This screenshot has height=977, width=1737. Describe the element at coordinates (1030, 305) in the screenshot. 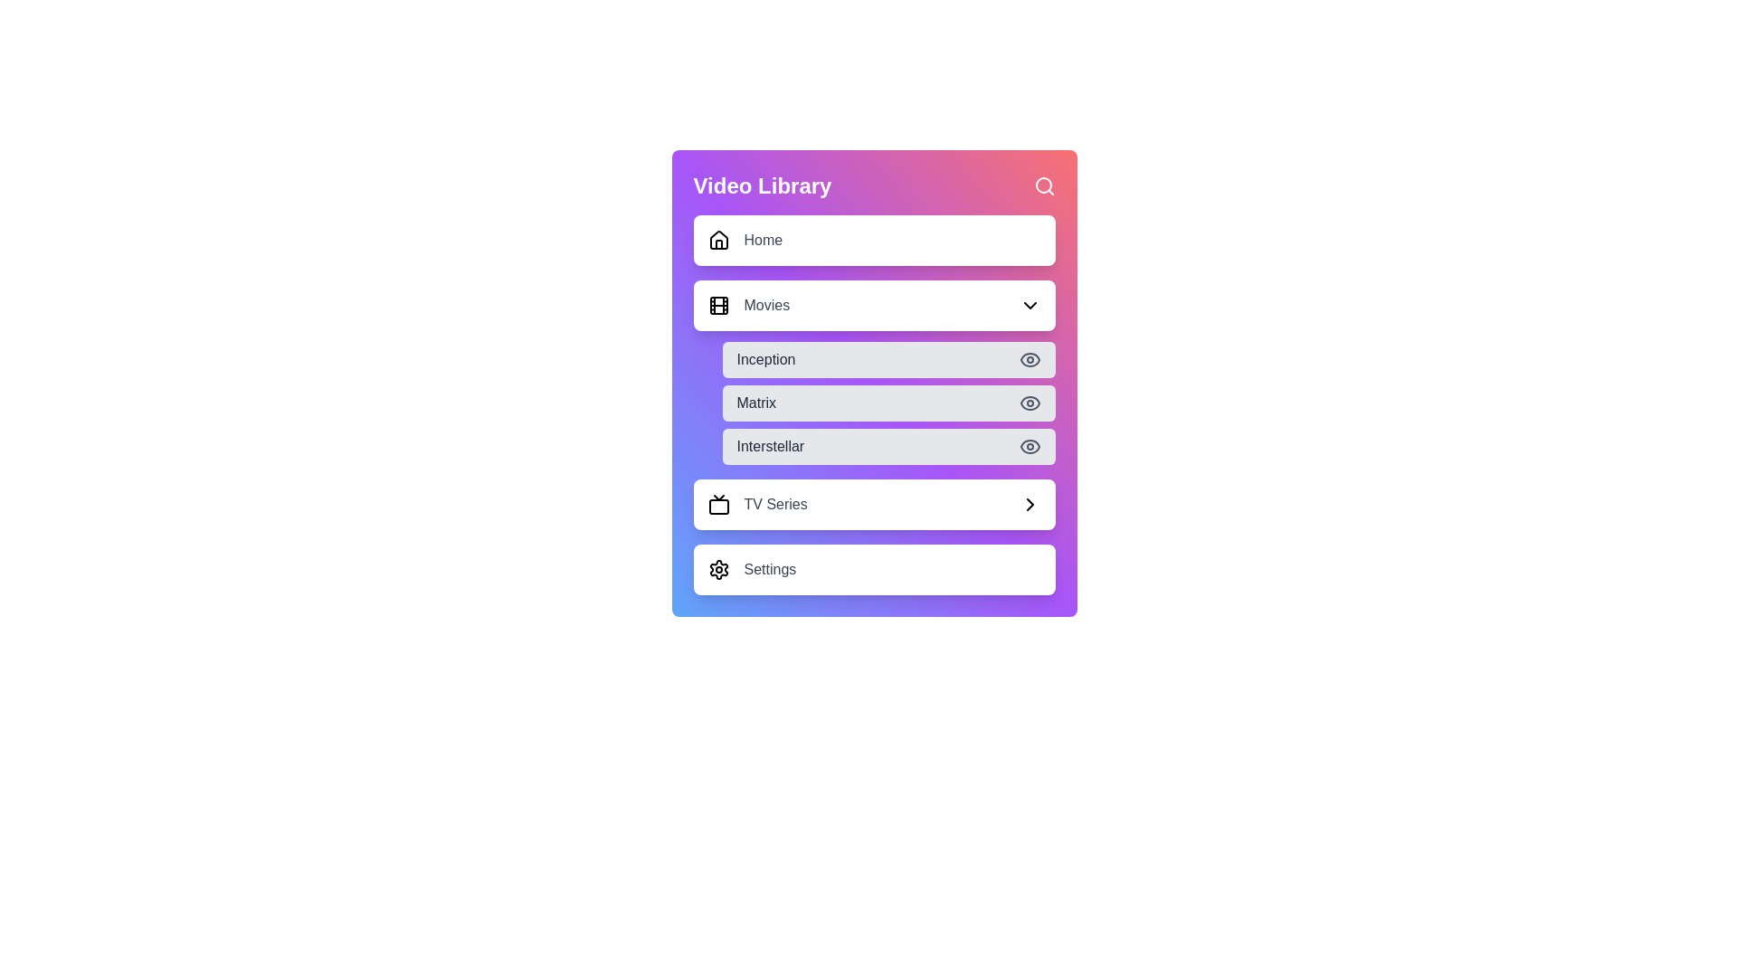

I see `the downward-pointing chevron icon next to the 'Movies' text` at that location.